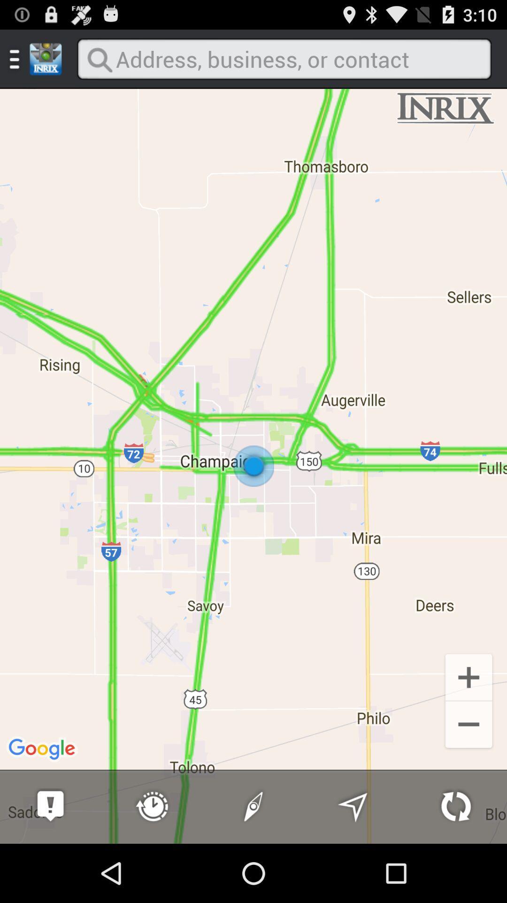 The height and width of the screenshot is (903, 507). I want to click on search term, so click(284, 58).